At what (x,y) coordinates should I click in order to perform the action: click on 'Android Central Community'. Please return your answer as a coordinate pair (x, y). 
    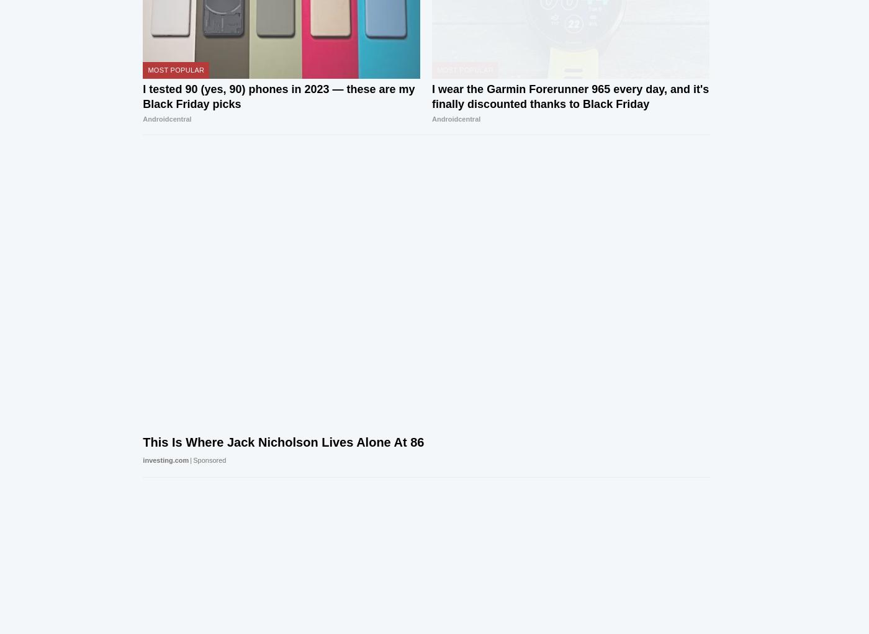
    Looking at the image, I should click on (276, 467).